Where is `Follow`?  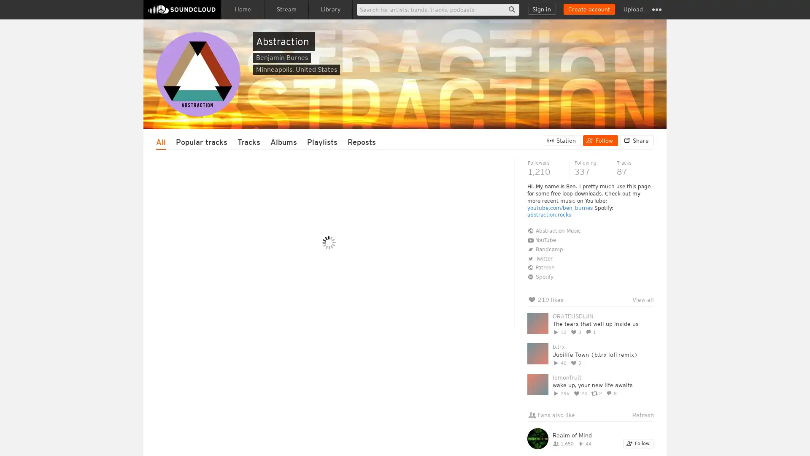 Follow is located at coordinates (600, 140).